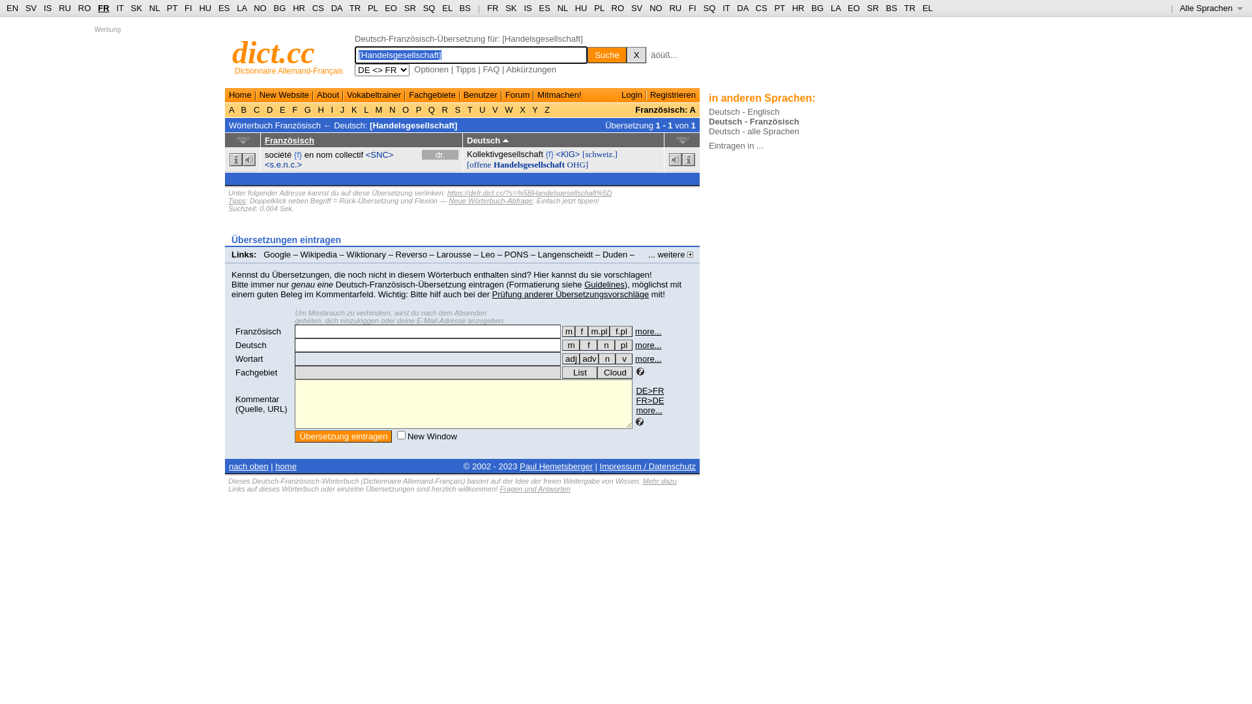 This screenshot has height=704, width=1252. I want to click on 'R', so click(445, 109).